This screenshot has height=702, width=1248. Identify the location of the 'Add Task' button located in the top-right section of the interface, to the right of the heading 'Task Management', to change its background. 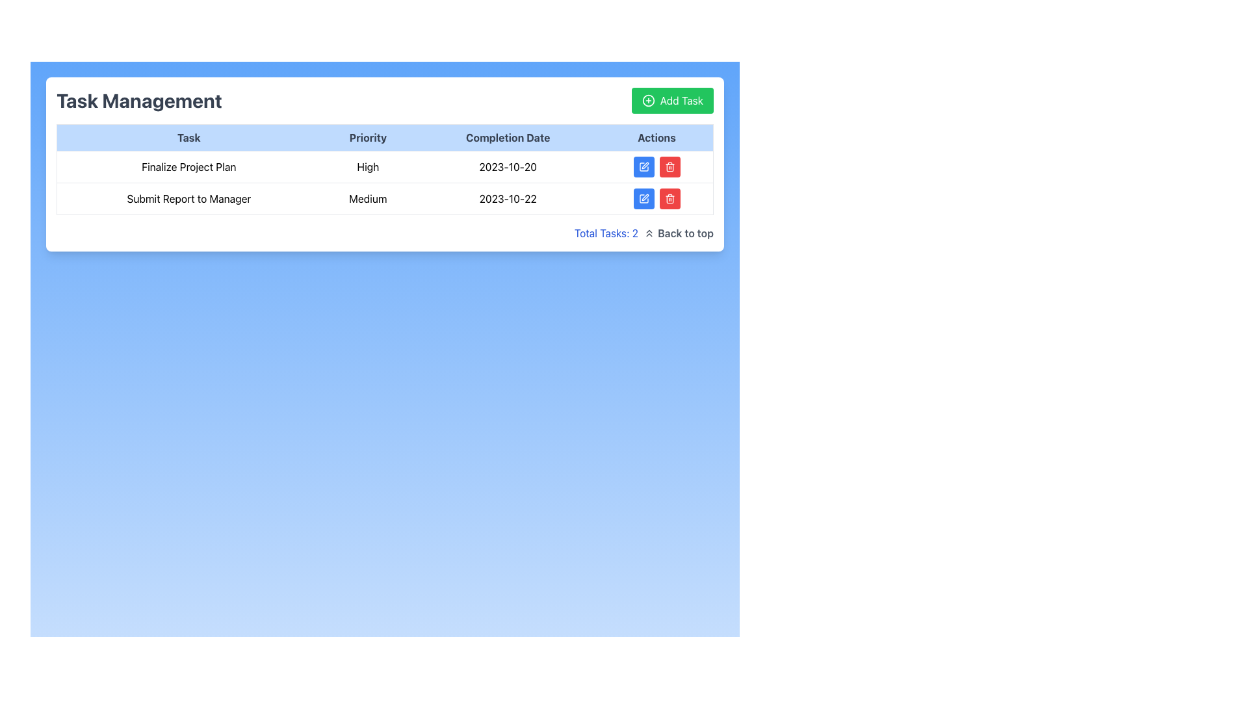
(672, 99).